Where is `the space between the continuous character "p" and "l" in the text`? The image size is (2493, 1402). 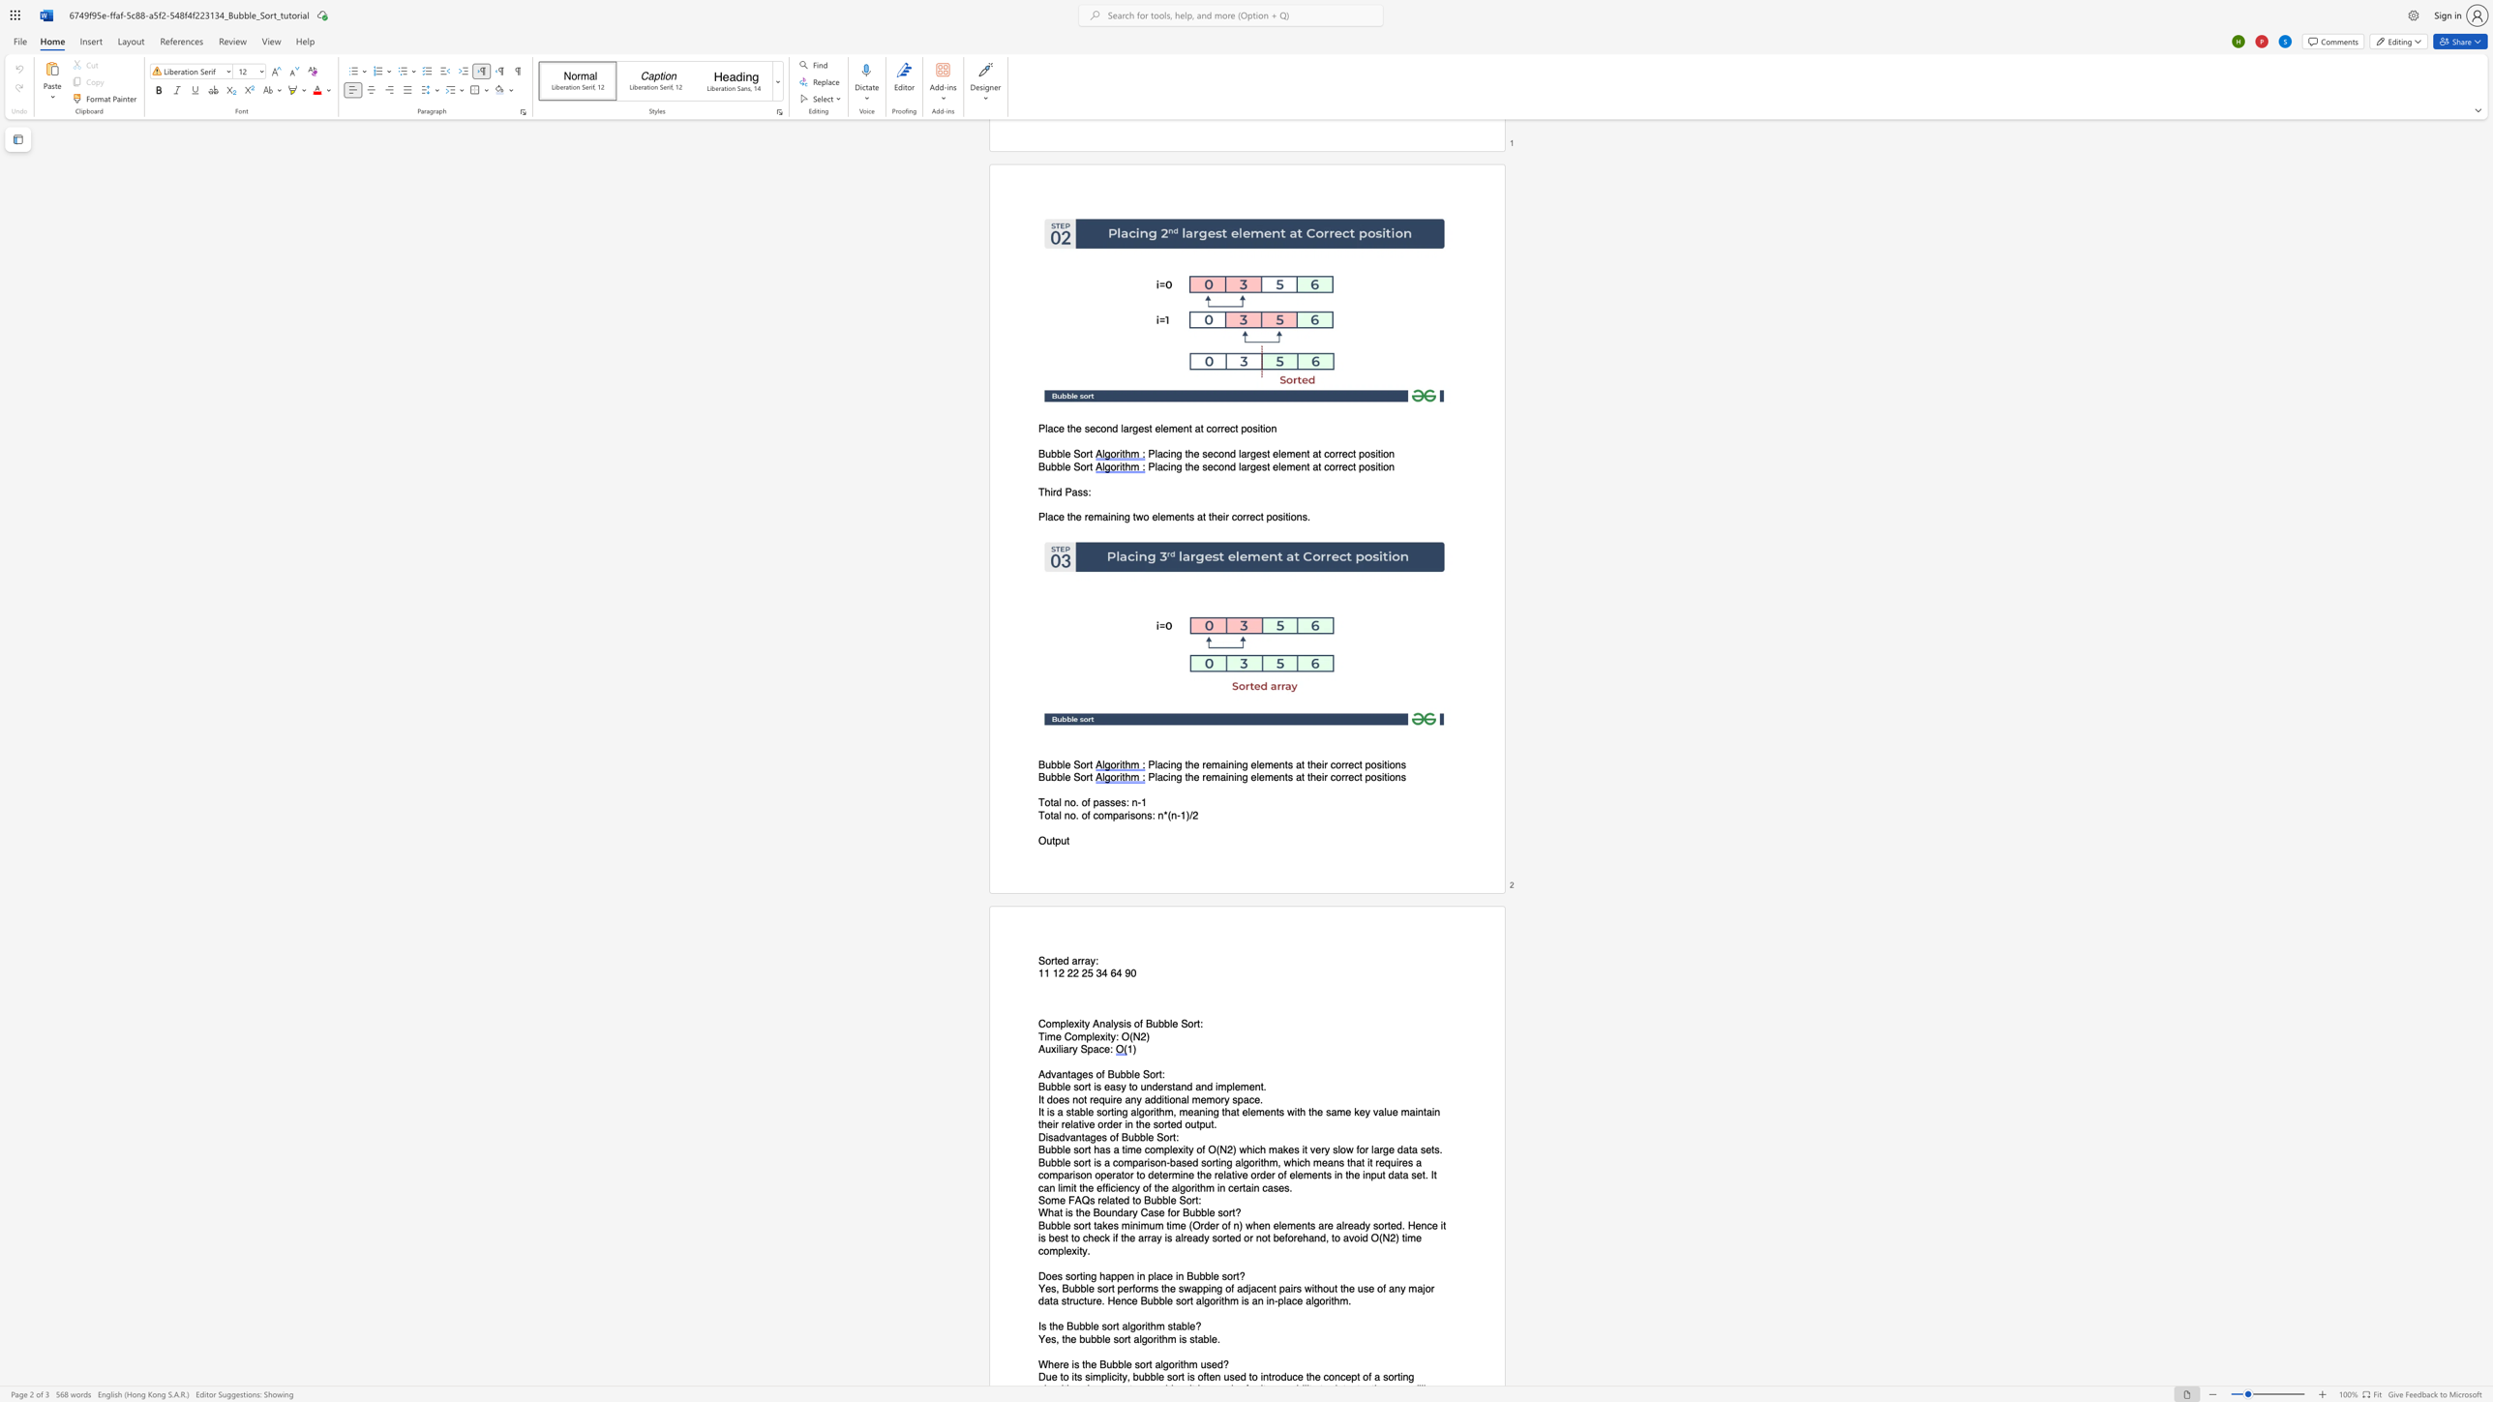 the space between the continuous character "p" and "l" in the text is located at coordinates (1091, 1036).